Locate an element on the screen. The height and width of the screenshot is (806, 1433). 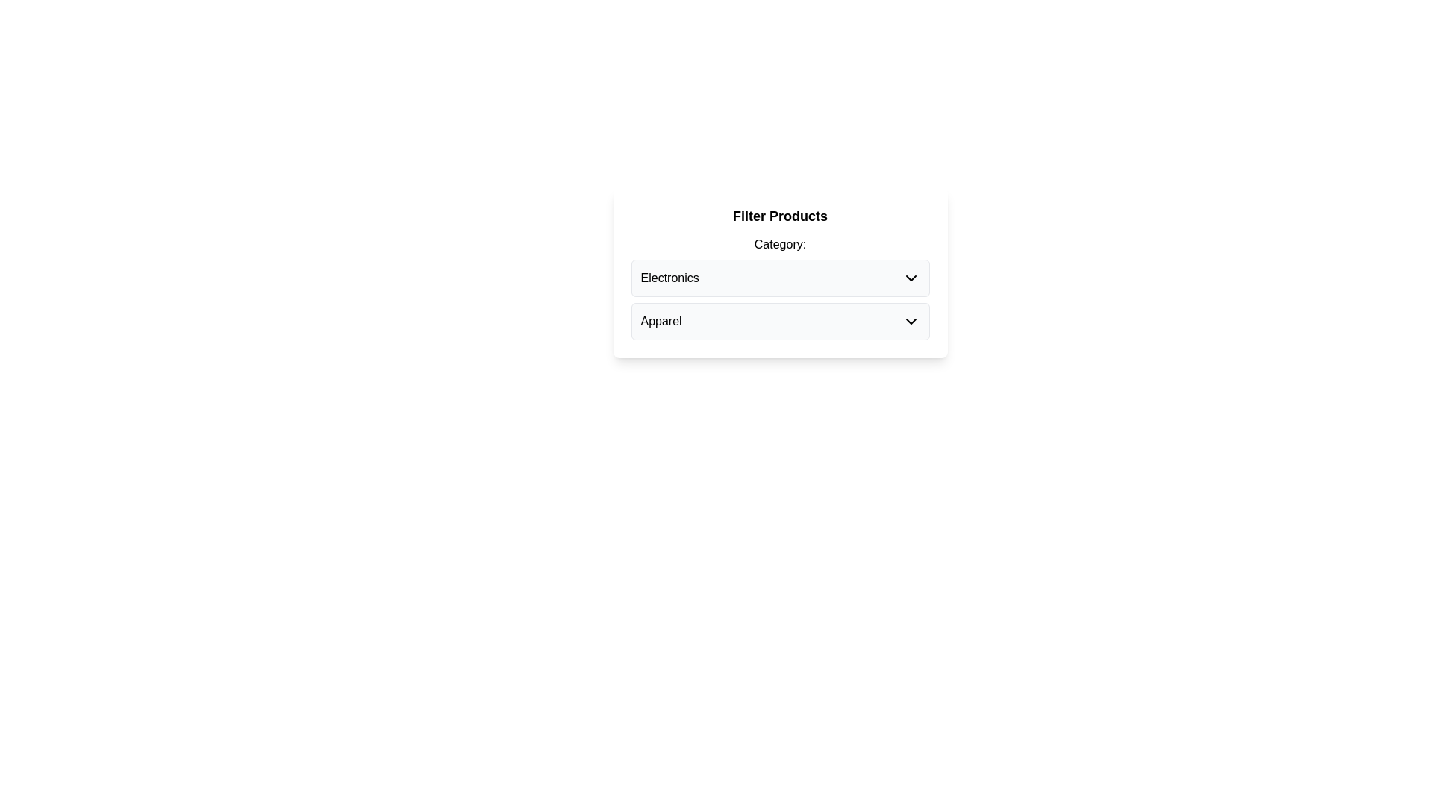
the 'Apparel' text label within the dropdown menu is located at coordinates (661, 321).